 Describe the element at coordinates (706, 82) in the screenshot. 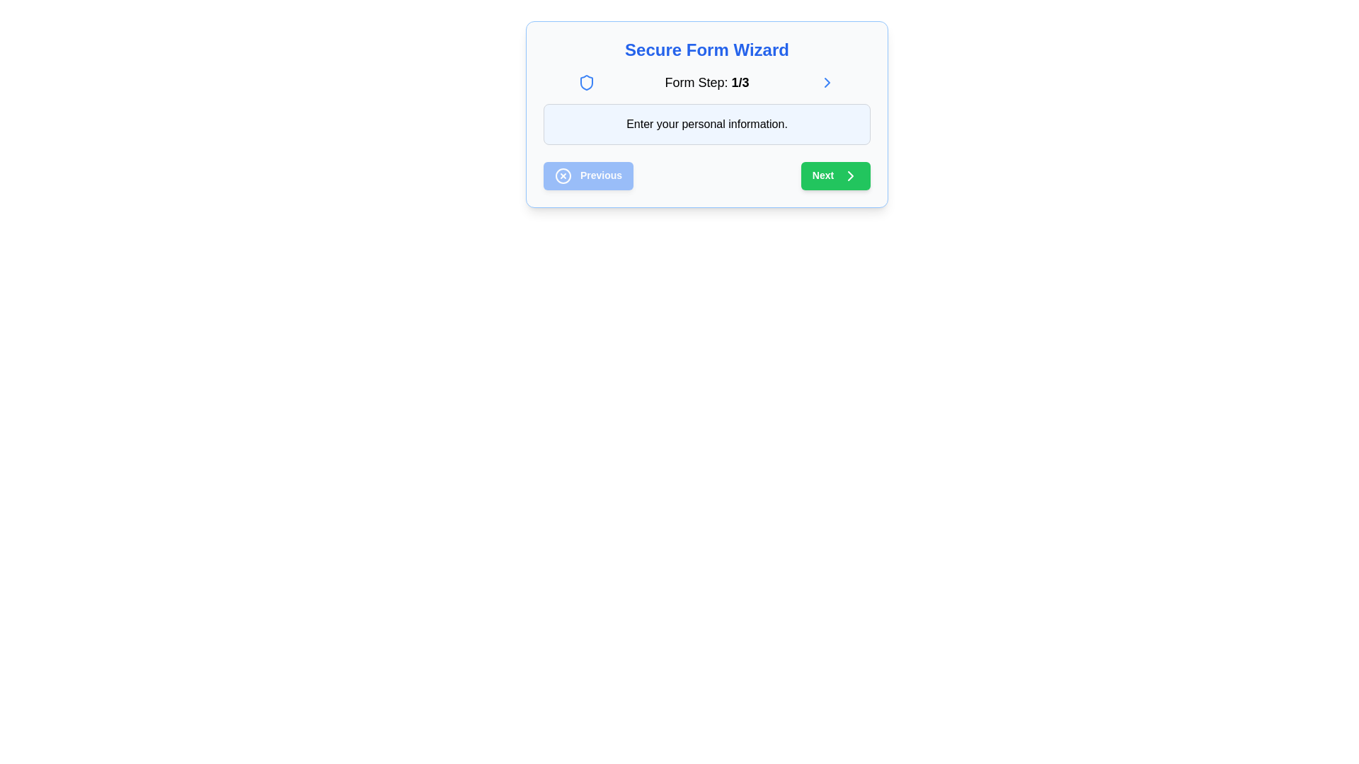

I see `the Text Label that reads 'Form Step: 1/3', which is styled with medium-sized bold font and positioned in the navigation header of the form wizard` at that location.